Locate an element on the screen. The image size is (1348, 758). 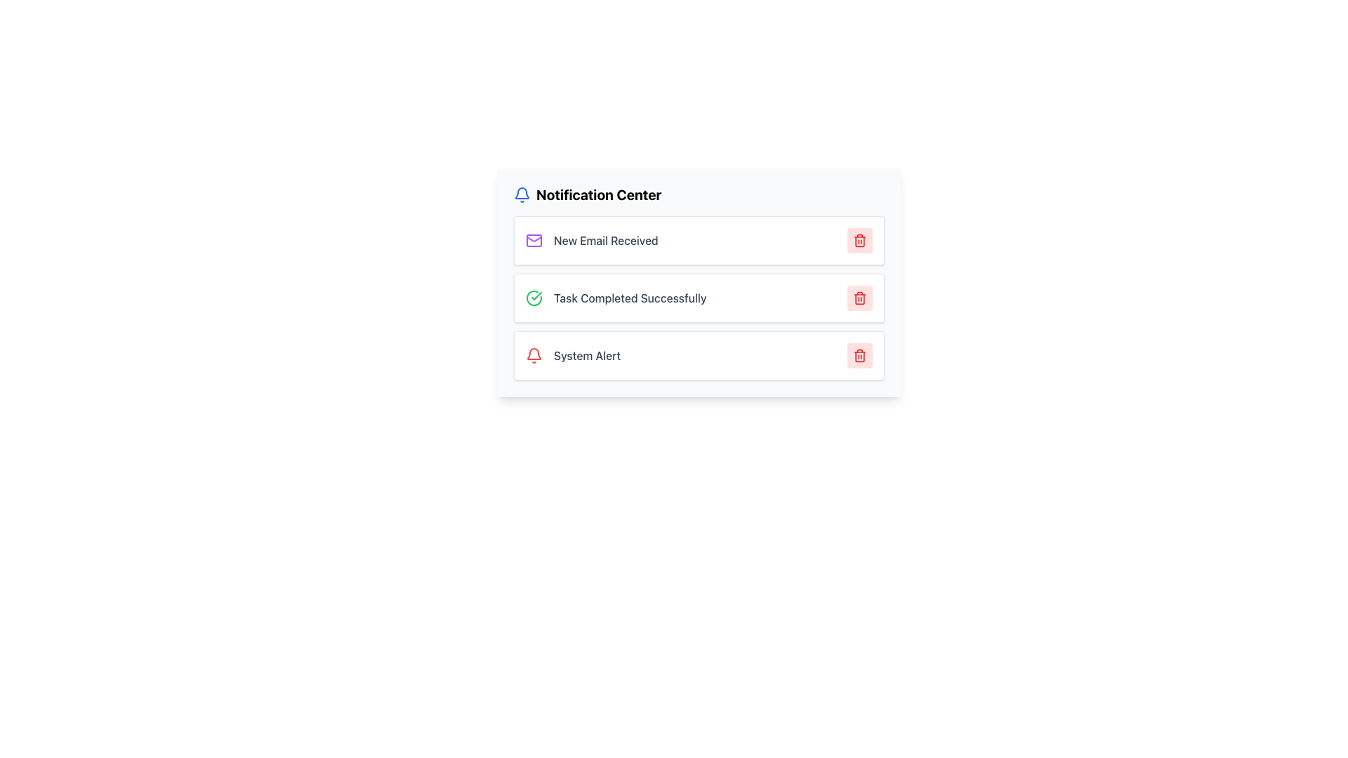
the static text label that serves as the title for the notification panel, located immediately to the right of the blue bell icon is located at coordinates (599, 194).